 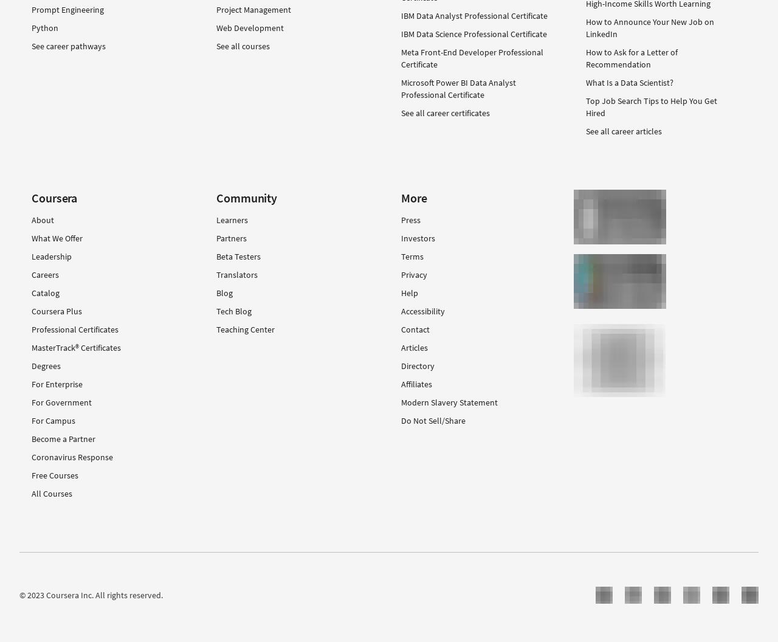 I want to click on 'MasterTrack® Certificates', so click(x=75, y=347).